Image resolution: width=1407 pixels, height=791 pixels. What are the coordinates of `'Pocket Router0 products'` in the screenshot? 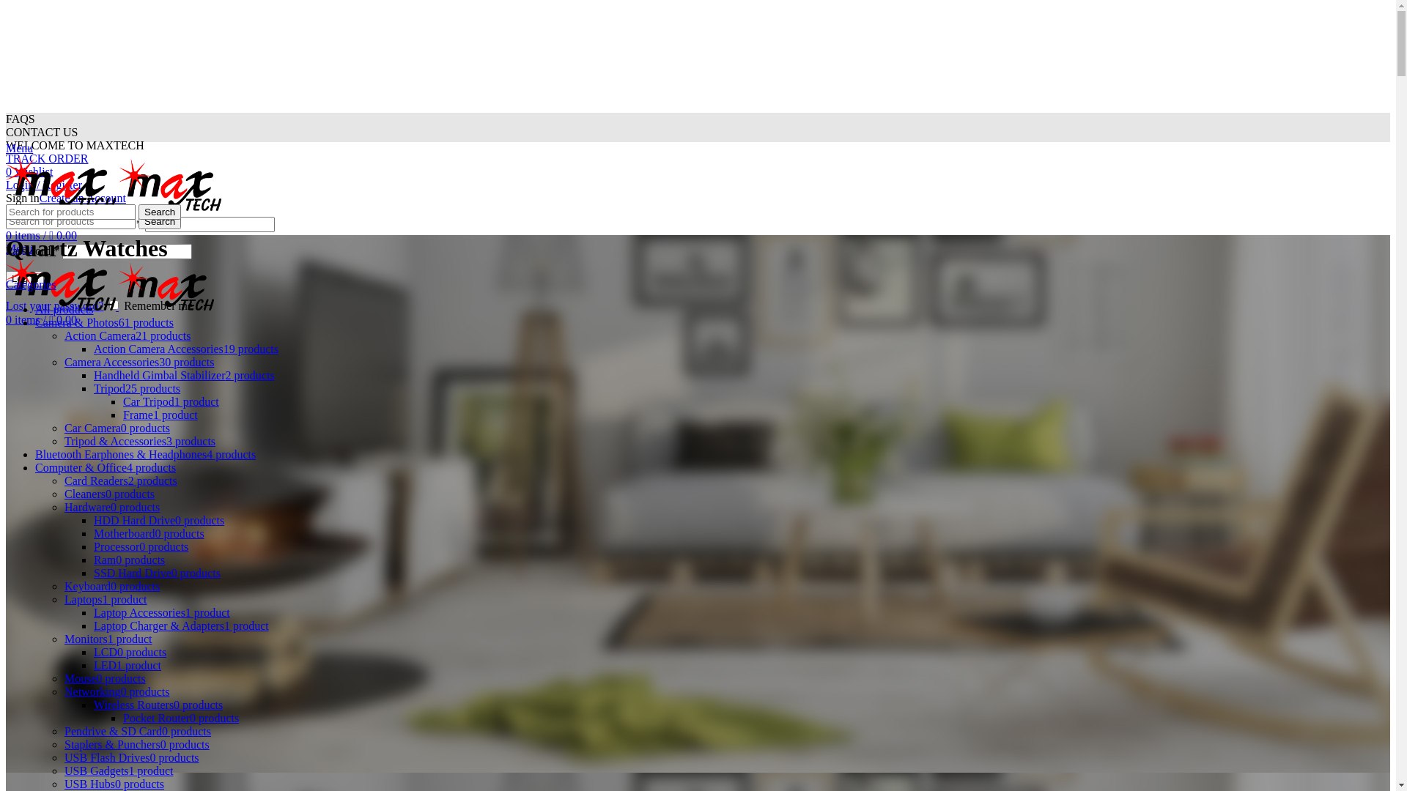 It's located at (180, 717).